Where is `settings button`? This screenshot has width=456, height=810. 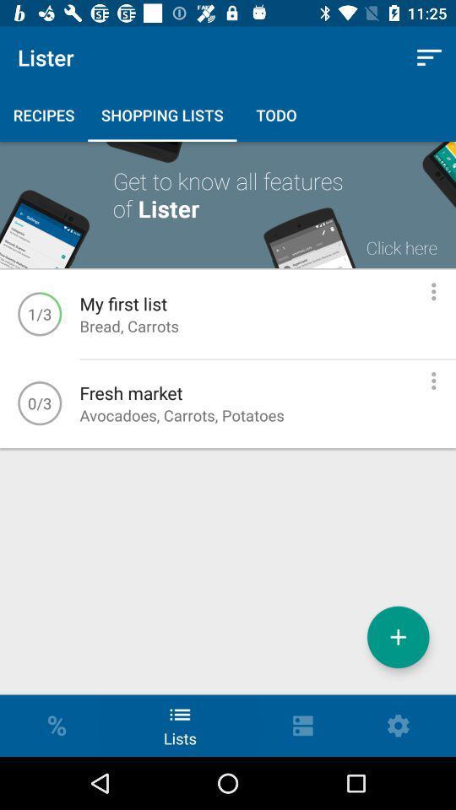
settings button is located at coordinates (433, 381).